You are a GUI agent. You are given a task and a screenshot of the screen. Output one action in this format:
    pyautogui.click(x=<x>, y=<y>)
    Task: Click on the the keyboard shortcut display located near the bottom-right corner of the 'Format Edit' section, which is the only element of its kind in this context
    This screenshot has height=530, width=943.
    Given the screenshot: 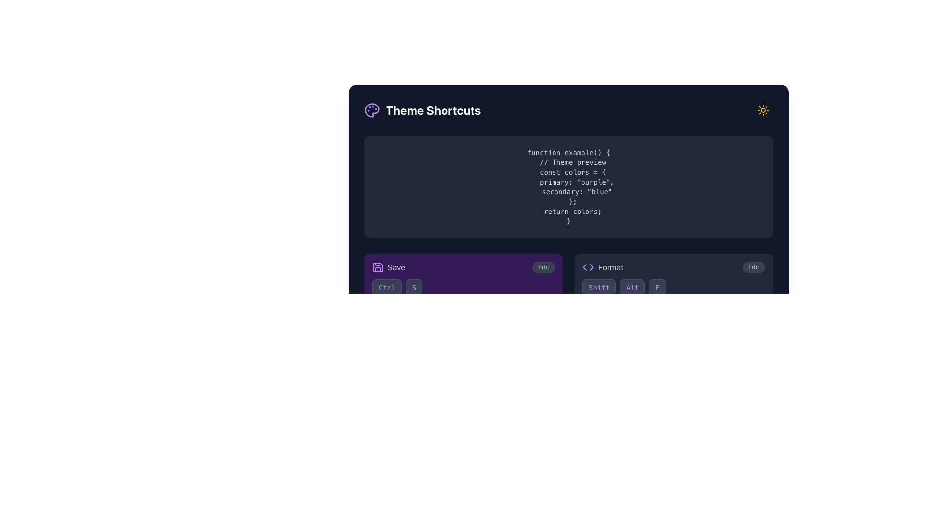 What is the action you would take?
    pyautogui.click(x=673, y=287)
    